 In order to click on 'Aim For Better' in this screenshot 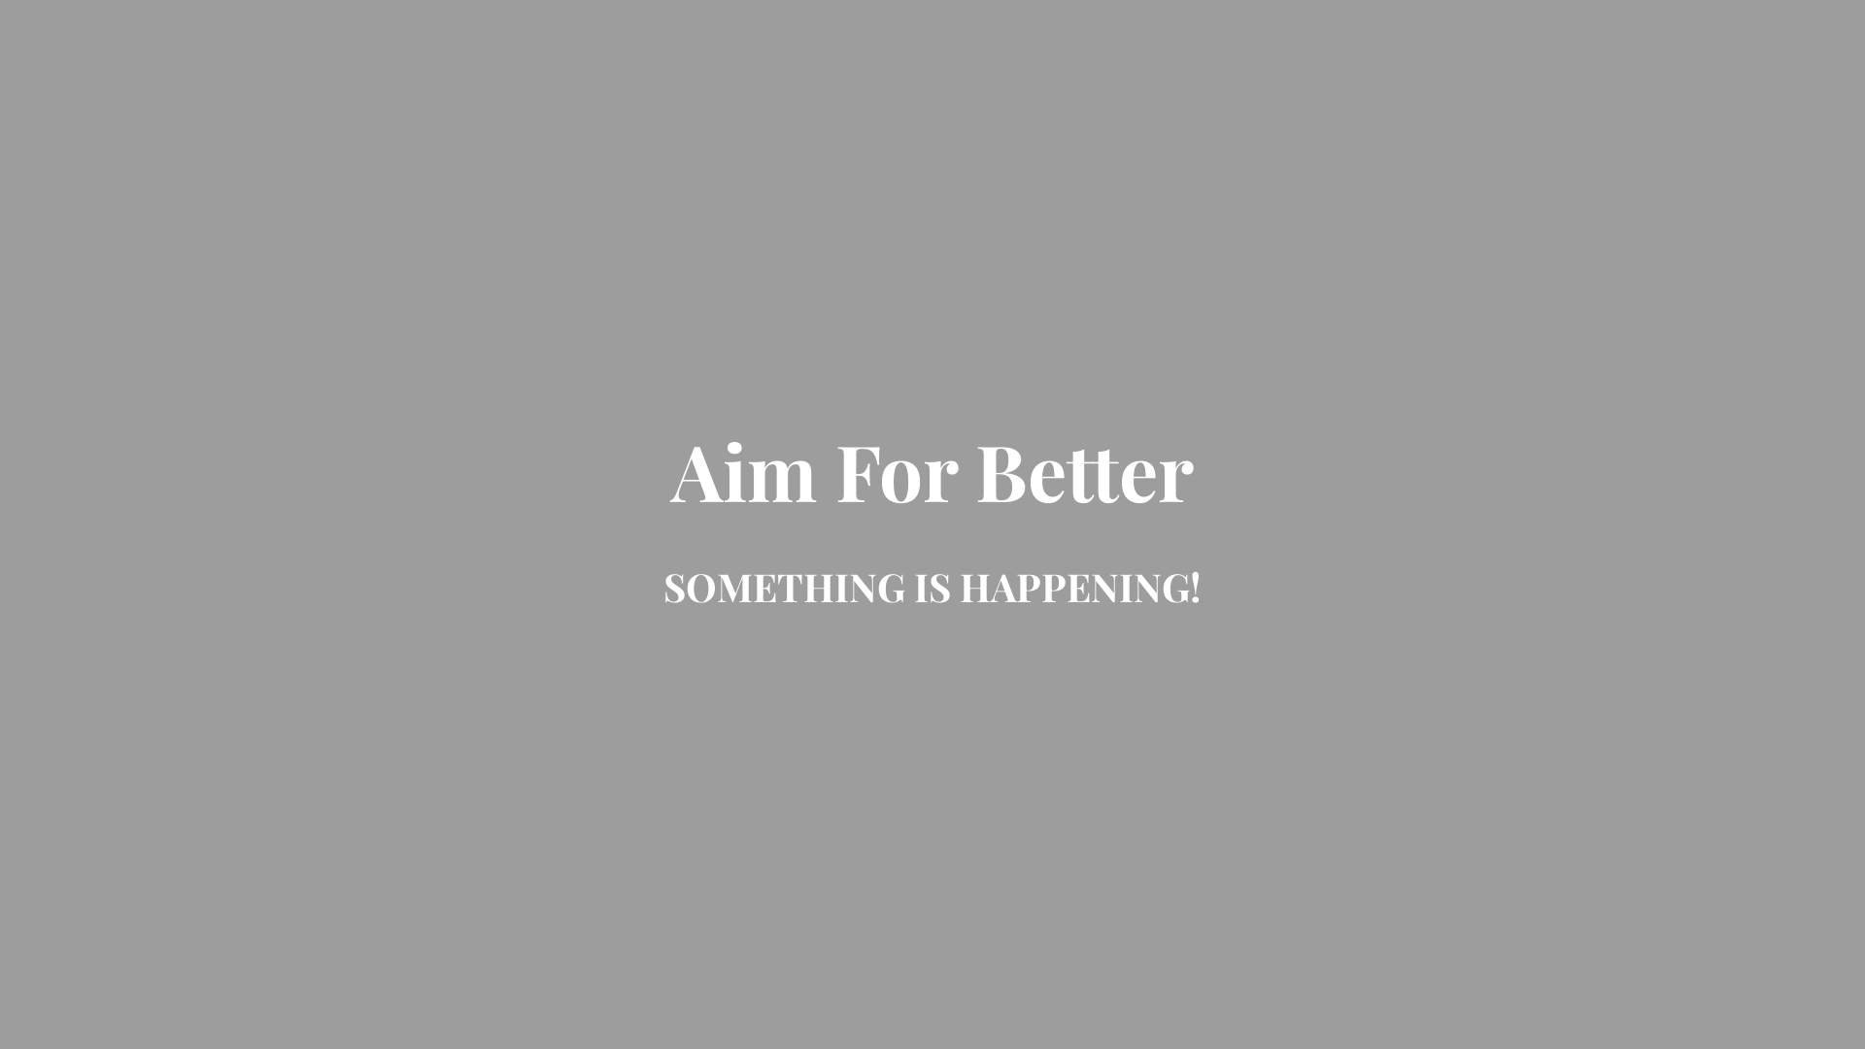, I will do `click(932, 487)`.